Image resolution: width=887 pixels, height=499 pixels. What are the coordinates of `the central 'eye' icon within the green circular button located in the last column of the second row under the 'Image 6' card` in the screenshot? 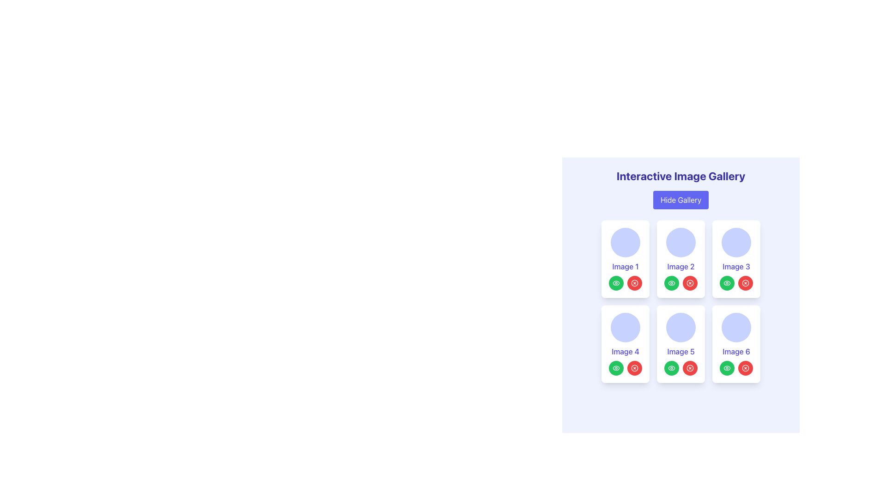 It's located at (727, 368).